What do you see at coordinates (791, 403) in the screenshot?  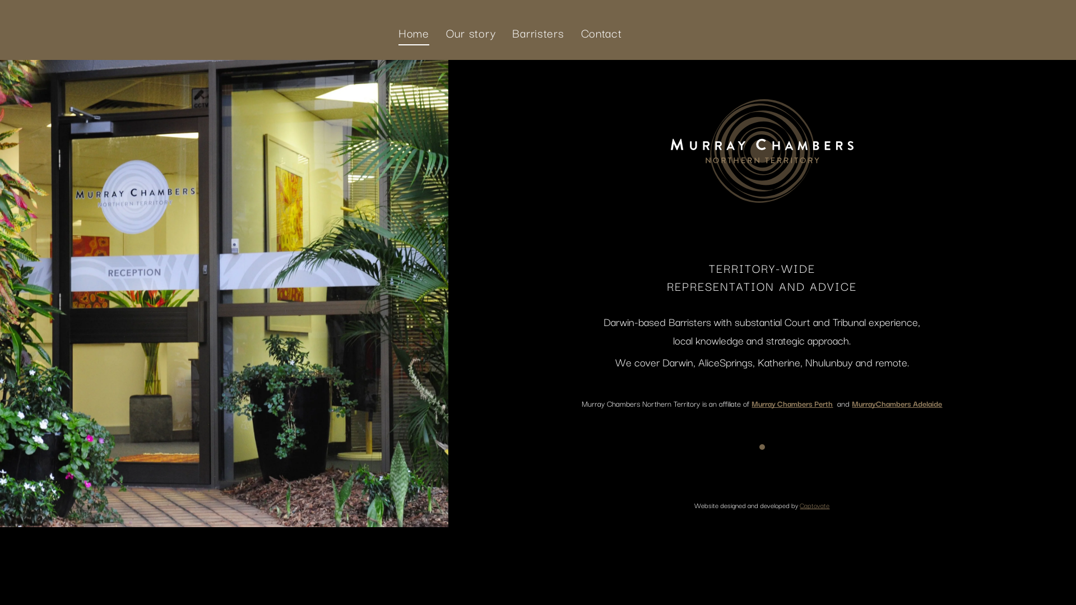 I see `'Murray Chambers Perth'` at bounding box center [791, 403].